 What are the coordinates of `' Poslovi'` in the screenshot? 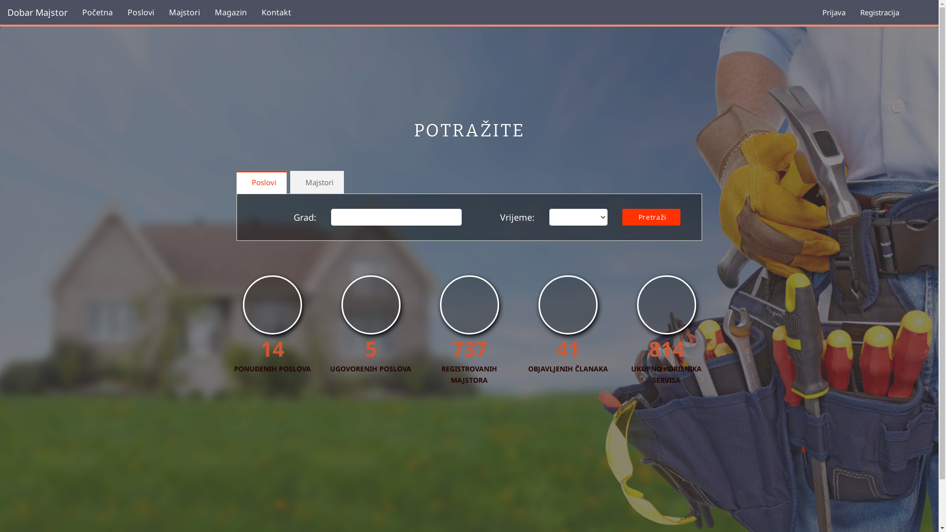 It's located at (236, 182).